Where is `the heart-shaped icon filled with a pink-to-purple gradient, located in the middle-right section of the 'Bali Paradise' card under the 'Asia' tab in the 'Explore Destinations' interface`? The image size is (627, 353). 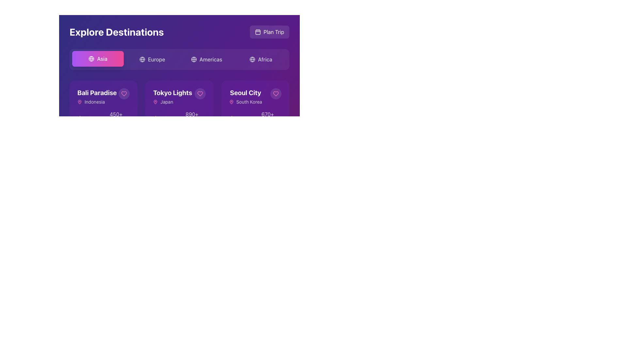 the heart-shaped icon filled with a pink-to-purple gradient, located in the middle-right section of the 'Bali Paradise' card under the 'Asia' tab in the 'Explore Destinations' interface is located at coordinates (124, 93).